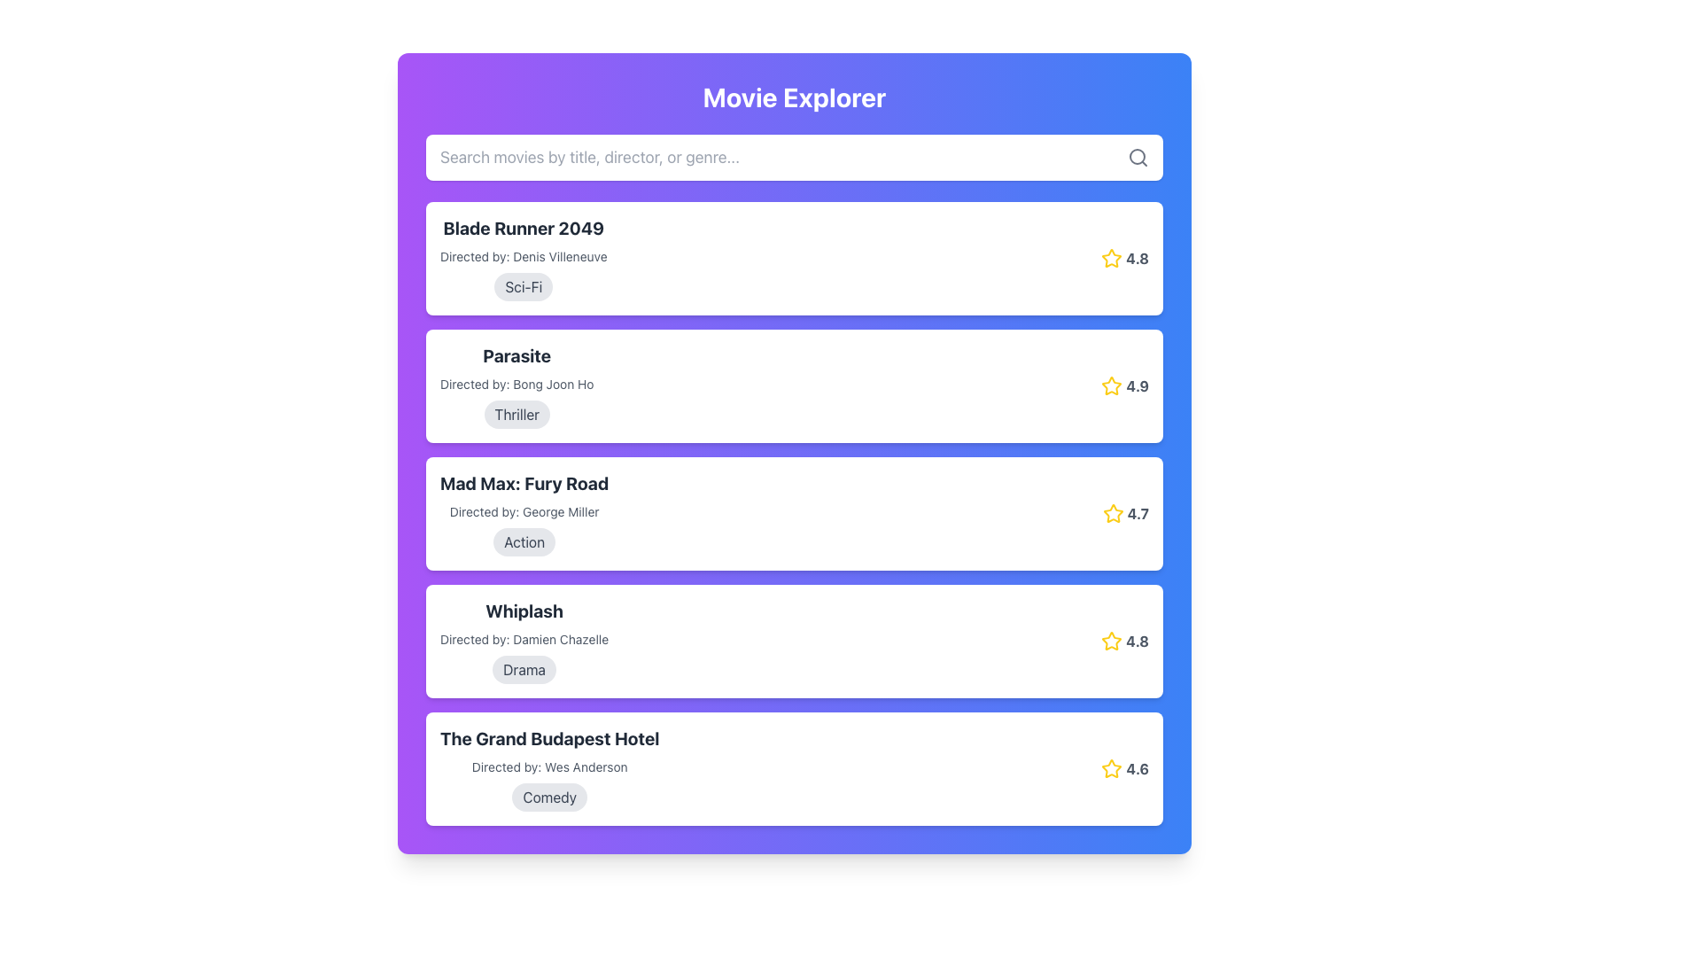  Describe the element at coordinates (523, 228) in the screenshot. I see `the bold and large text label reading 'Blade Runner 2049' located at the top of the first card in the movie list` at that location.